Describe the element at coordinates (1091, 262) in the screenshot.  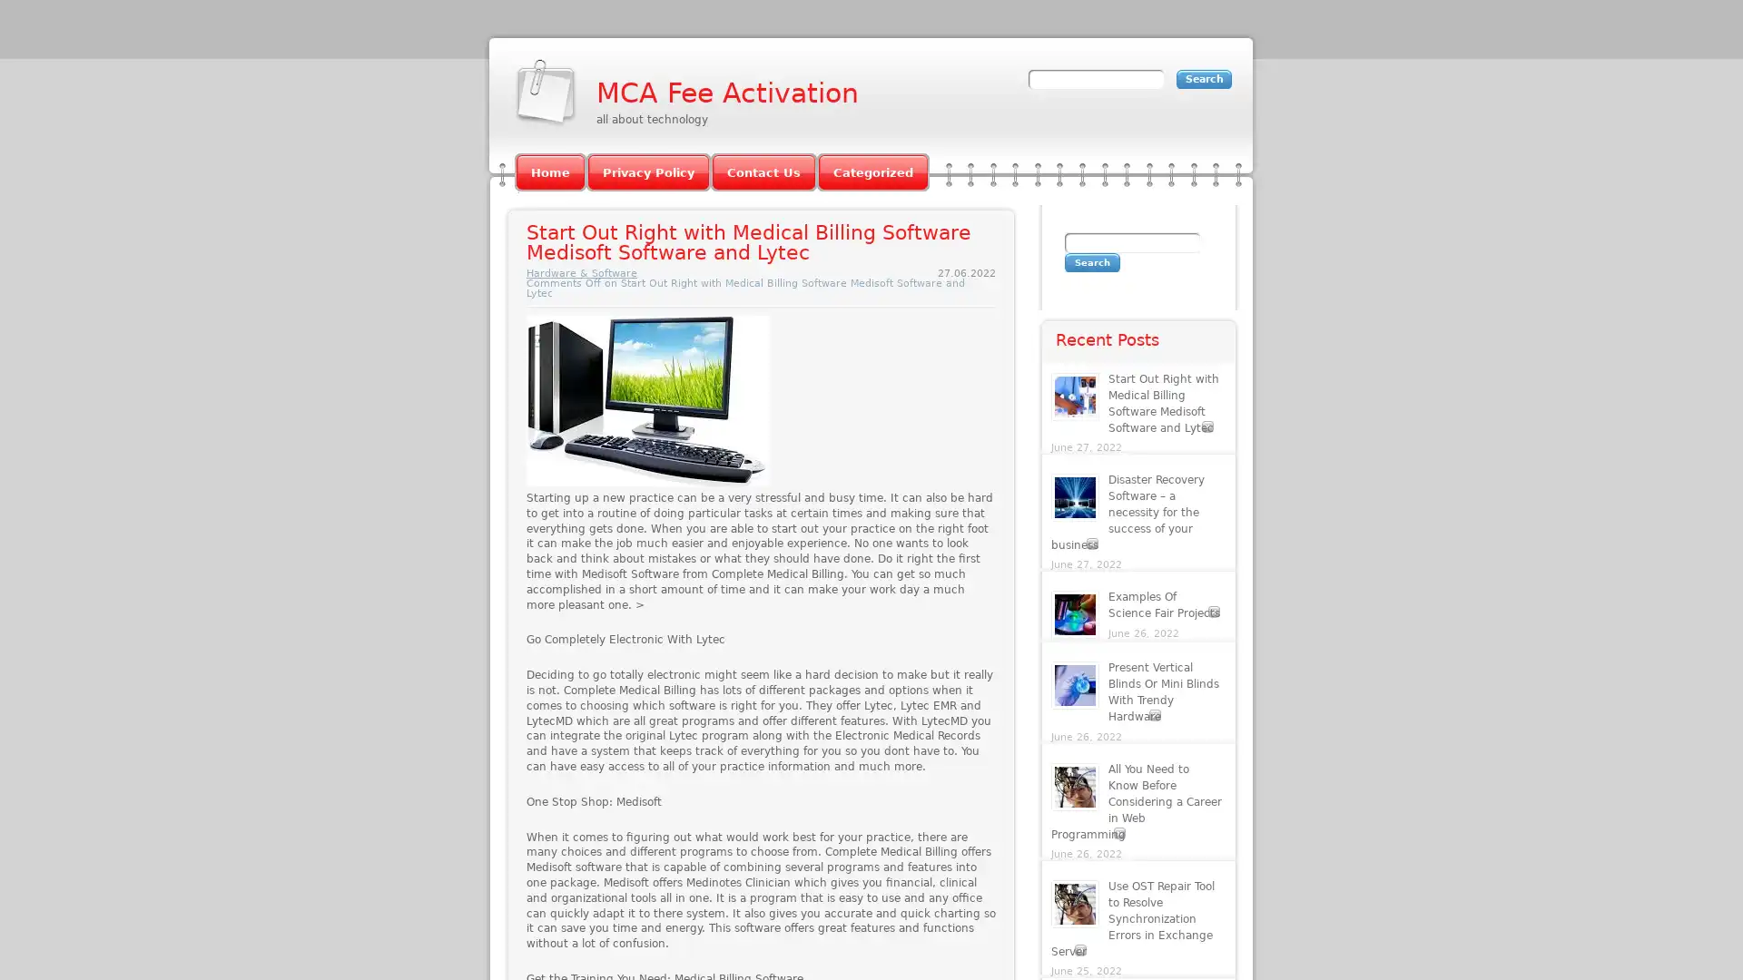
I see `Search` at that location.